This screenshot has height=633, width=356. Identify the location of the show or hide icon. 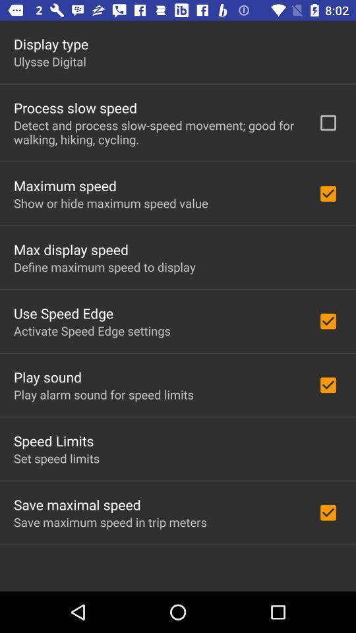
(110, 203).